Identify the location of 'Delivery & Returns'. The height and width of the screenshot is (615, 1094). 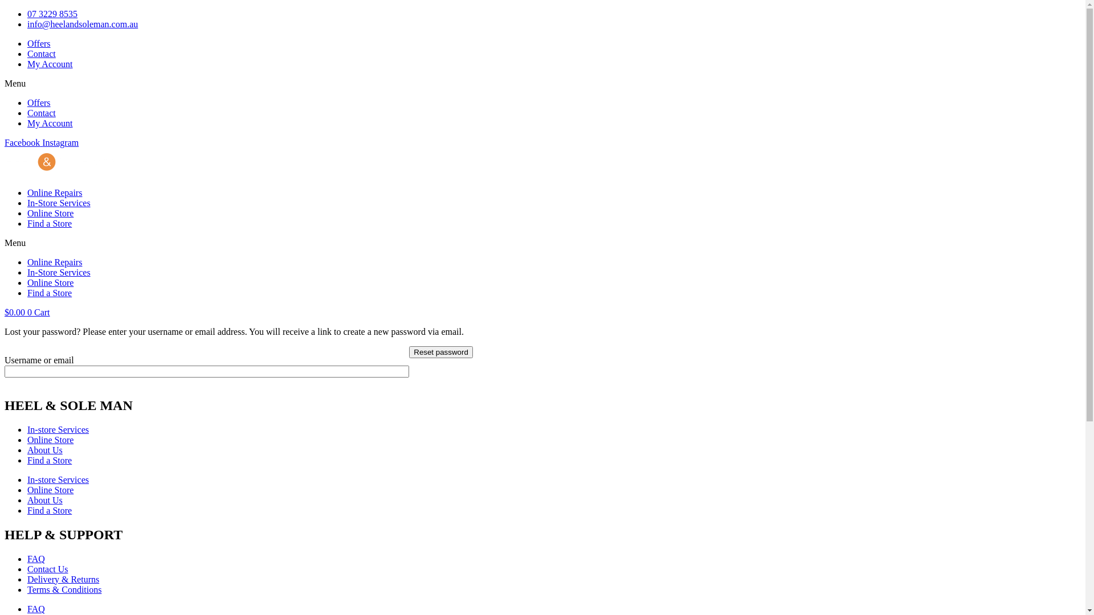
(27, 579).